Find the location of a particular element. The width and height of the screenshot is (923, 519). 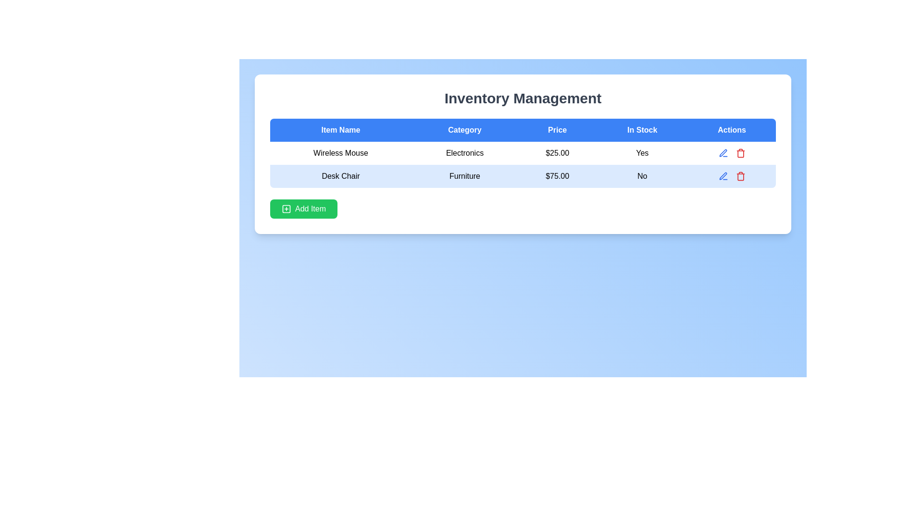

the edit icon button in the 'Actions' column of the 'Desk Chair' row is located at coordinates (723, 153).